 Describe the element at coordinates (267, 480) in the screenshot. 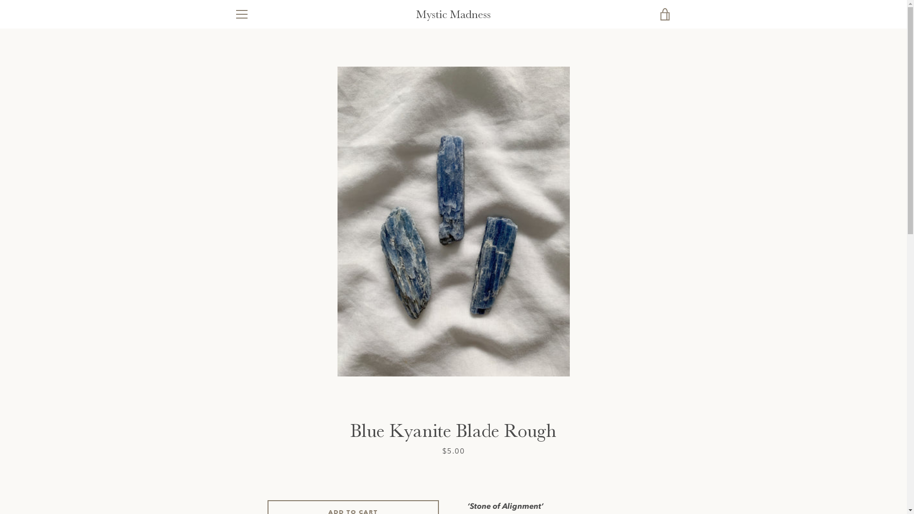

I see `'Instagram'` at that location.